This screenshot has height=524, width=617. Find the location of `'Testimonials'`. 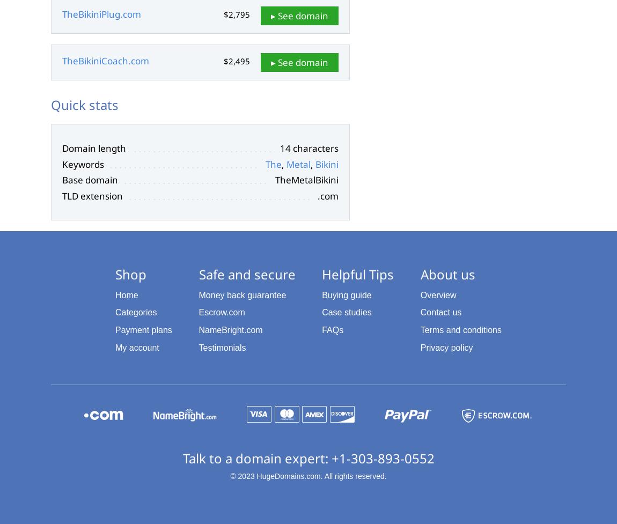

'Testimonials' is located at coordinates (222, 346).